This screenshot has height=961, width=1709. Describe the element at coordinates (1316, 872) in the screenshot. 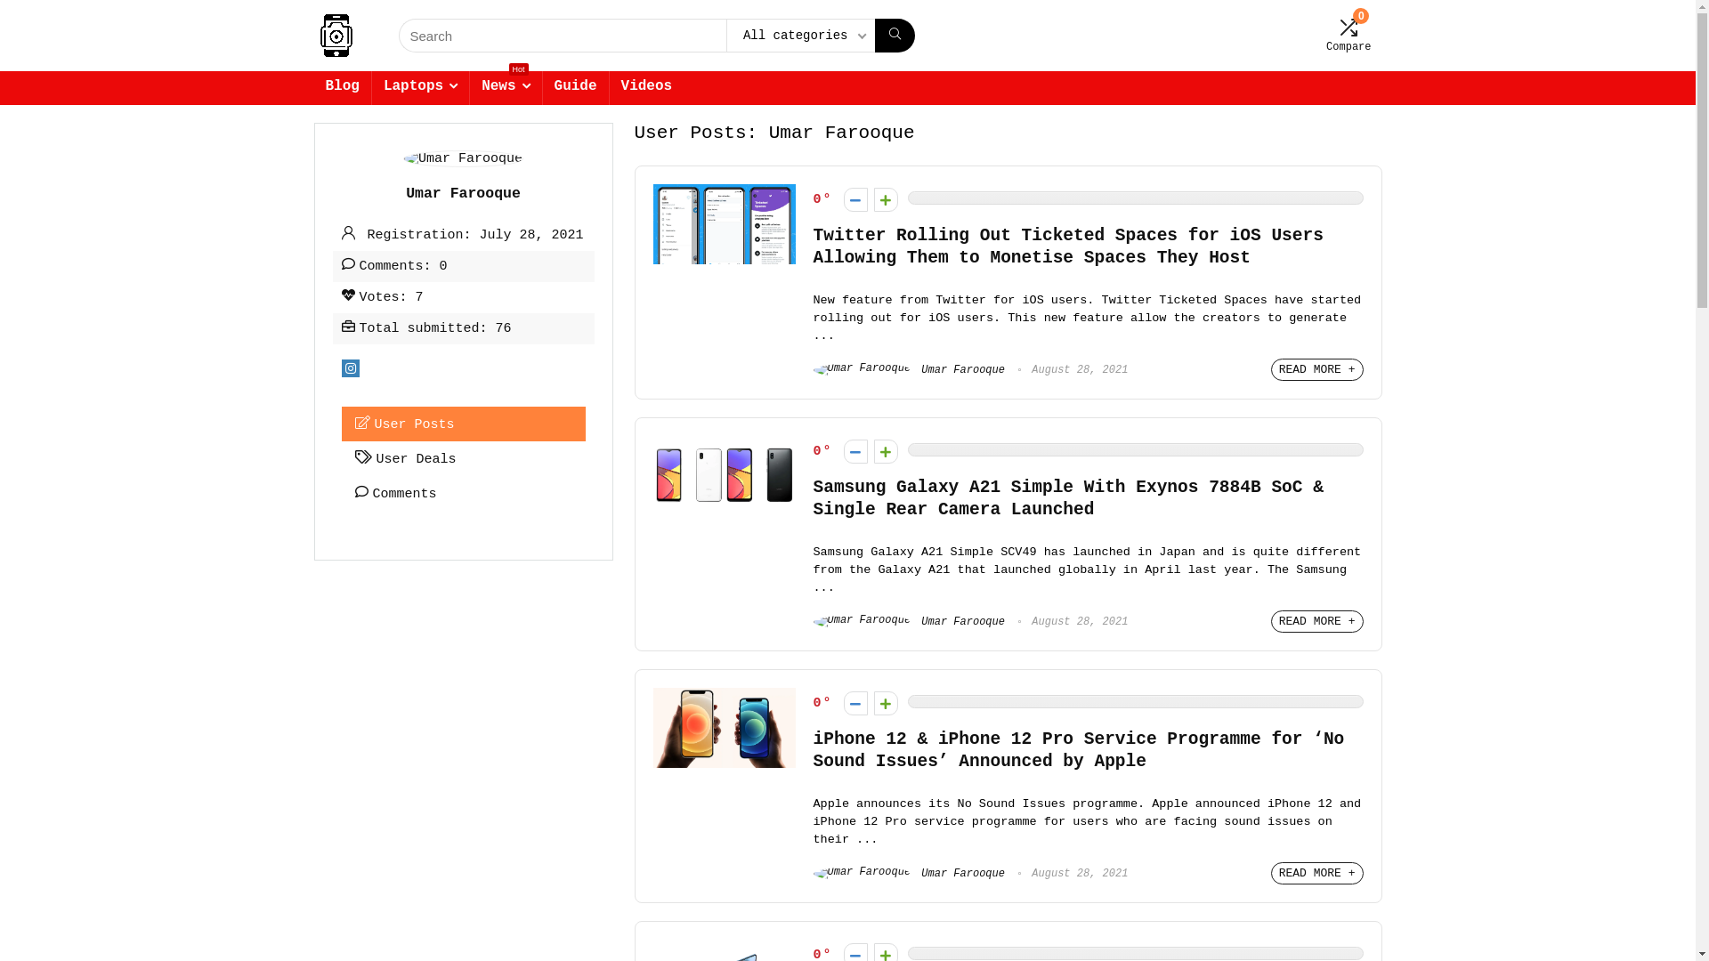

I see `'READ MORE +'` at that location.